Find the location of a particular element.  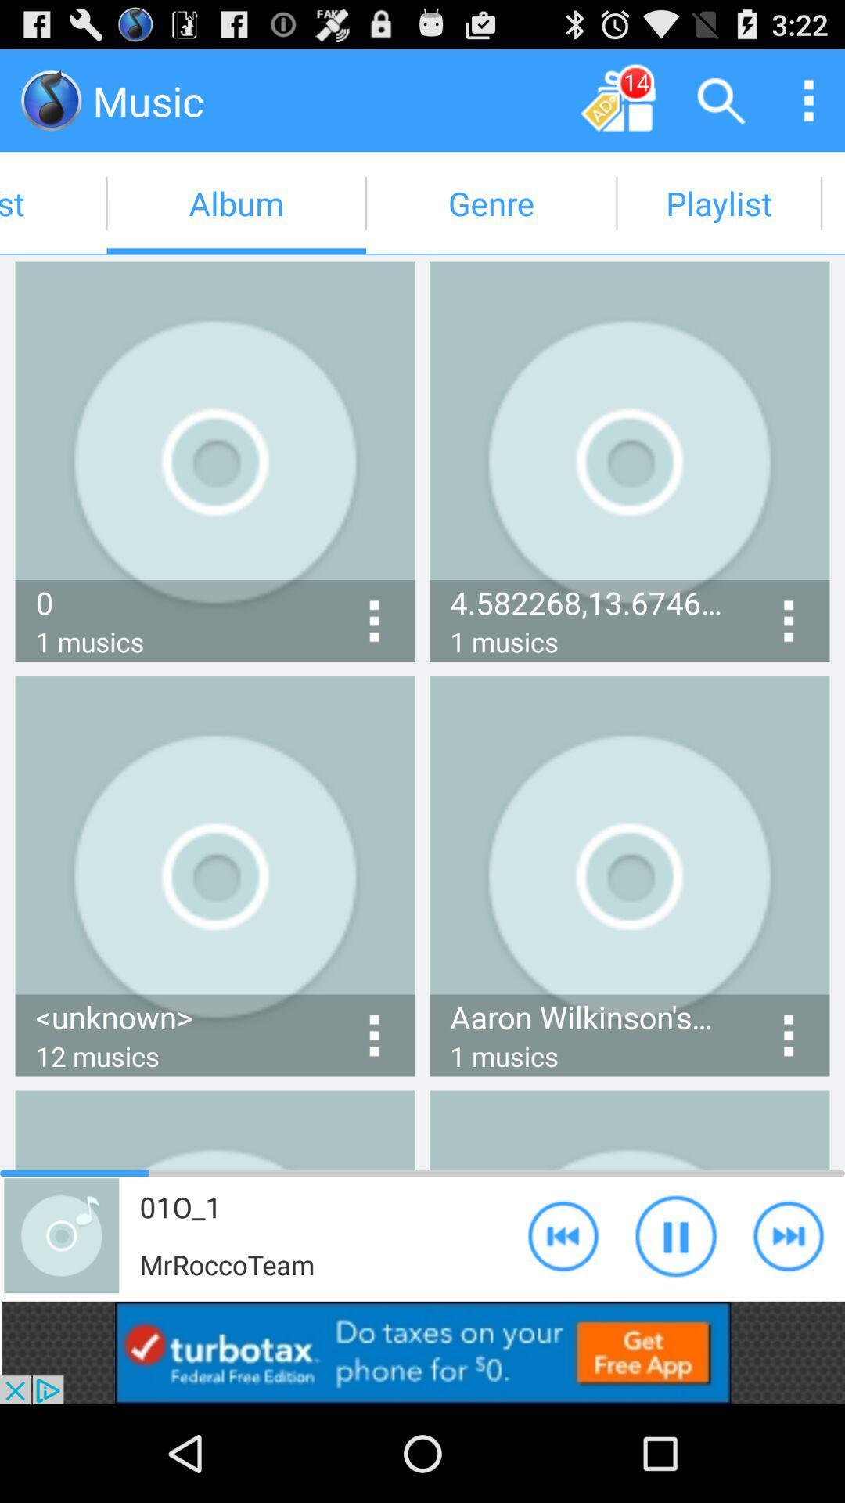

pause is located at coordinates (675, 1234).